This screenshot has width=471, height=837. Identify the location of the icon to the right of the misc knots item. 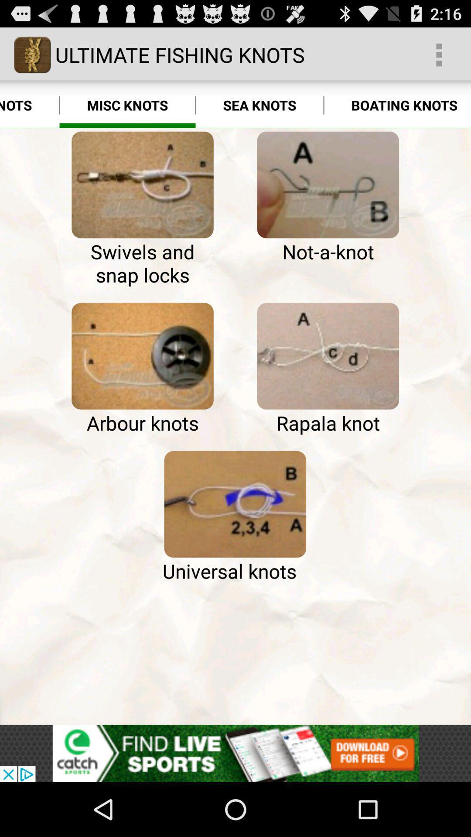
(259, 105).